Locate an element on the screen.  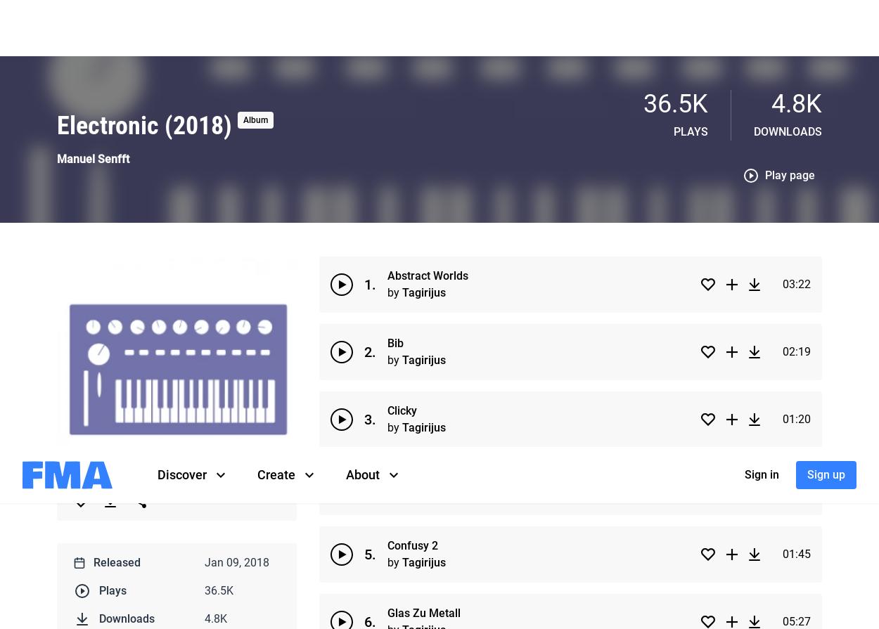
'Glas Zu Metall' is located at coordinates (423, 166).